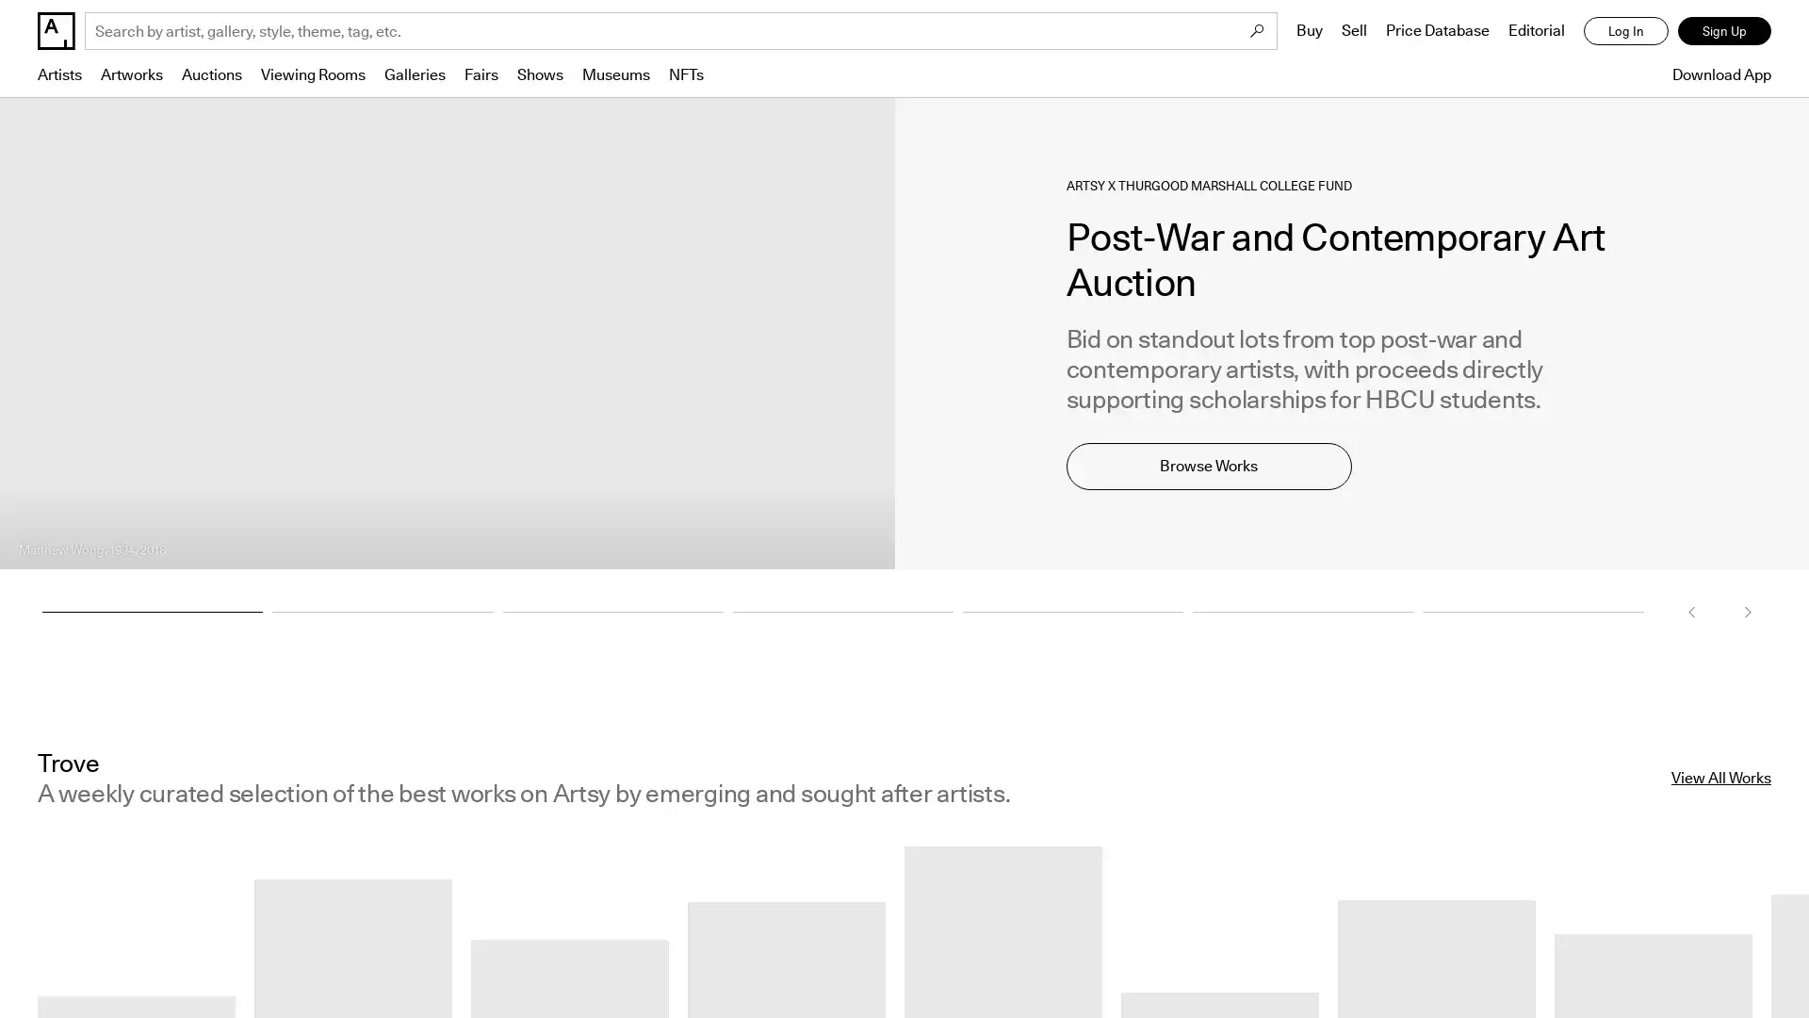 This screenshot has width=1809, height=1018. Describe the element at coordinates (1746, 611) in the screenshot. I see `Navigate right` at that location.